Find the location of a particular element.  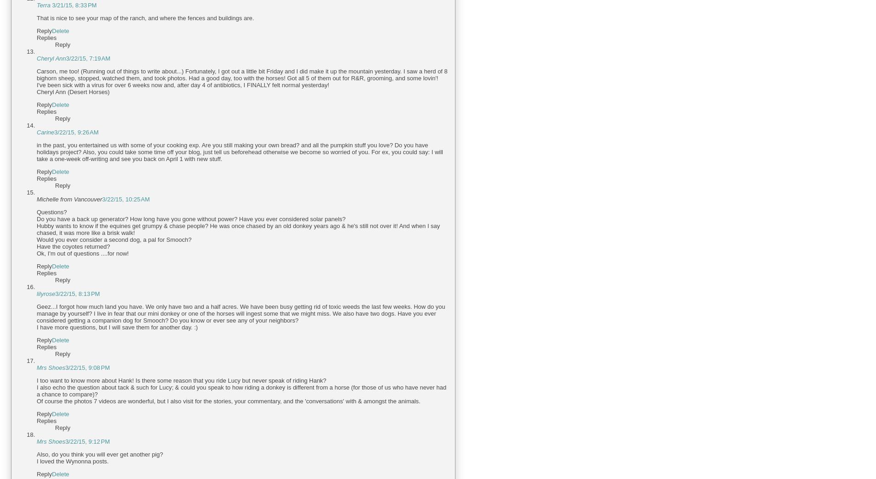

'I too want to know more about Hank! Is there some reason that you ride Lucy but never speak of riding Hank?' is located at coordinates (181, 380).